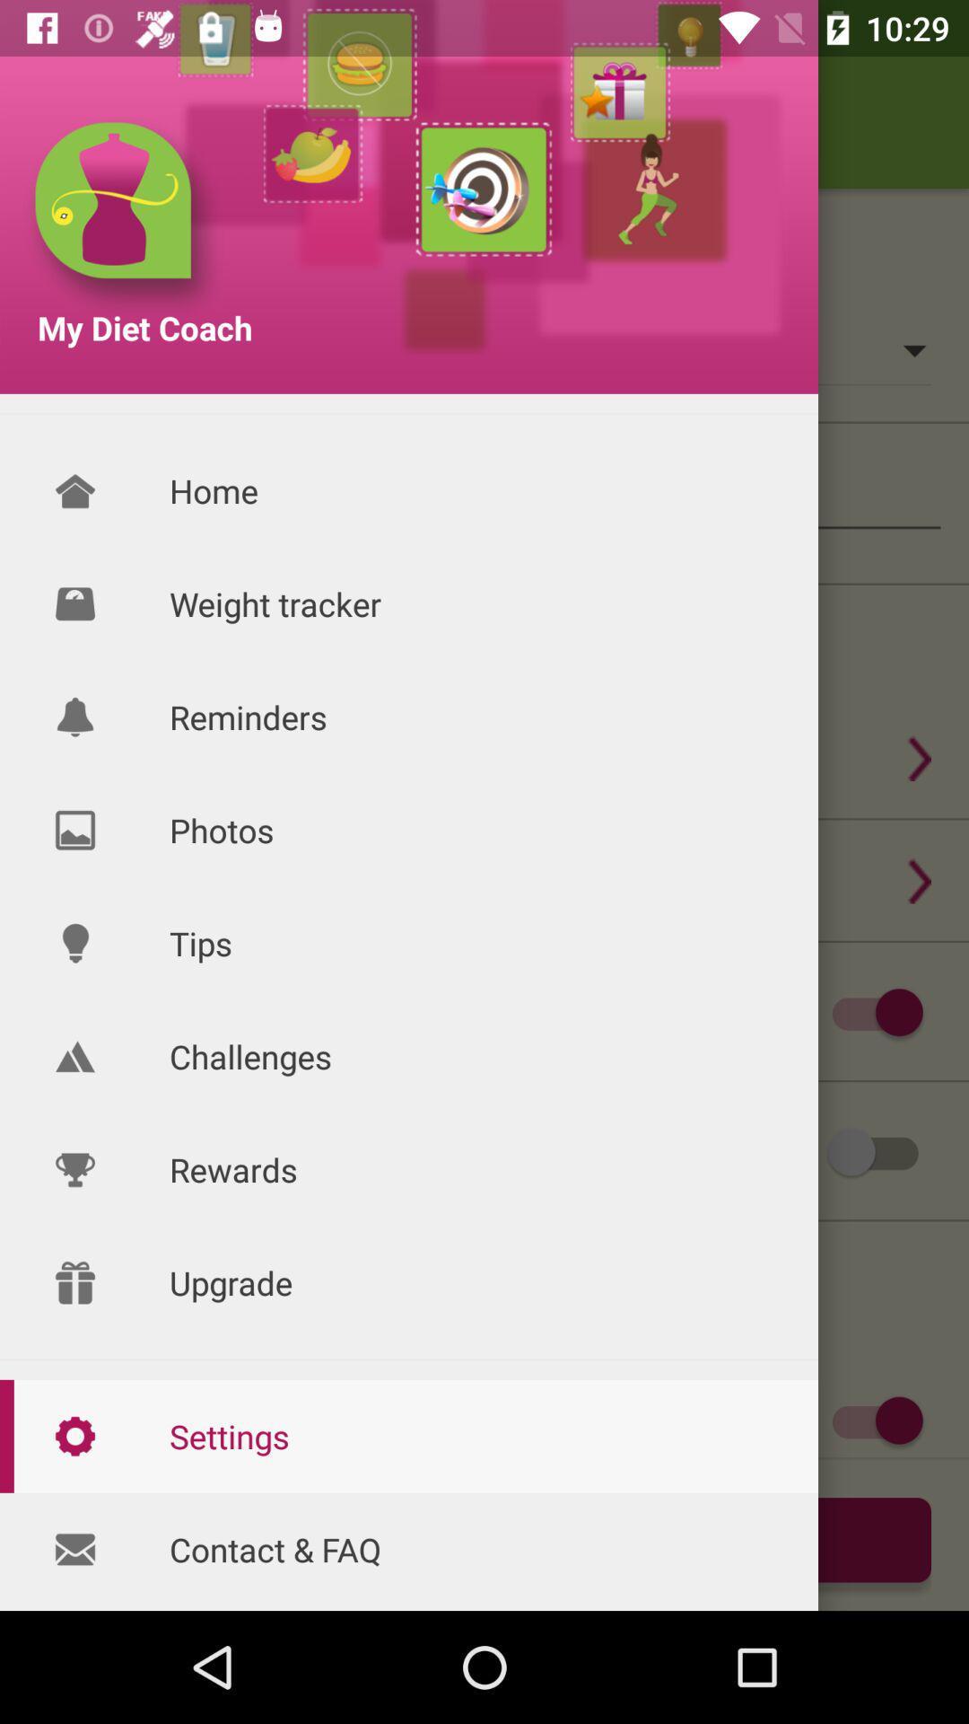 This screenshot has height=1724, width=969. I want to click on the first icon which is left to the fruits icon, so click(123, 217).